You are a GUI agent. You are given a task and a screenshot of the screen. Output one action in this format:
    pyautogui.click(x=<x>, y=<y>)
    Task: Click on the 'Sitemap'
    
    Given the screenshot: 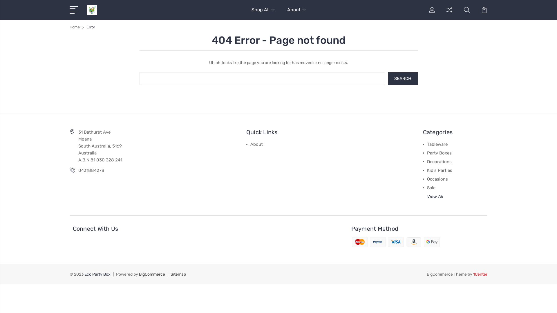 What is the action you would take?
    pyautogui.click(x=170, y=274)
    